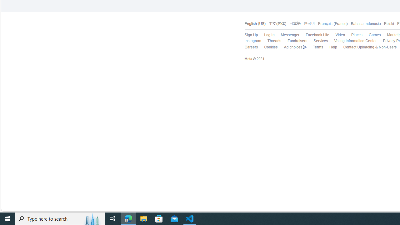  What do you see at coordinates (333, 47) in the screenshot?
I see `'Help'` at bounding box center [333, 47].